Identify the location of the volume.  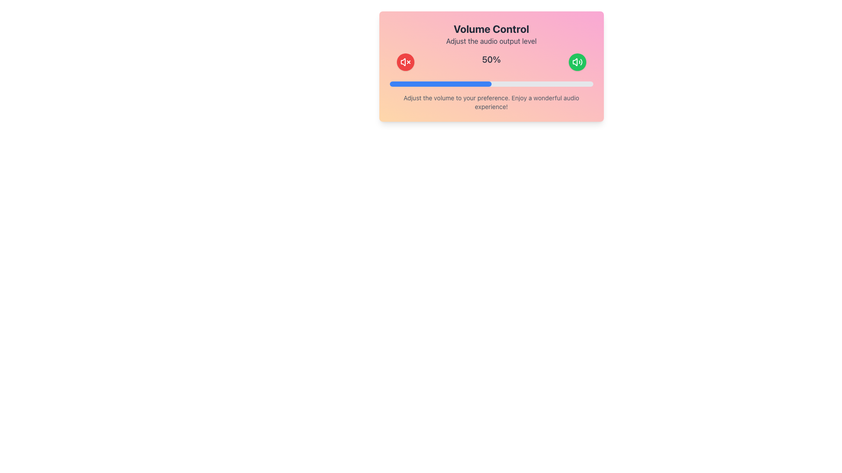
(556, 84).